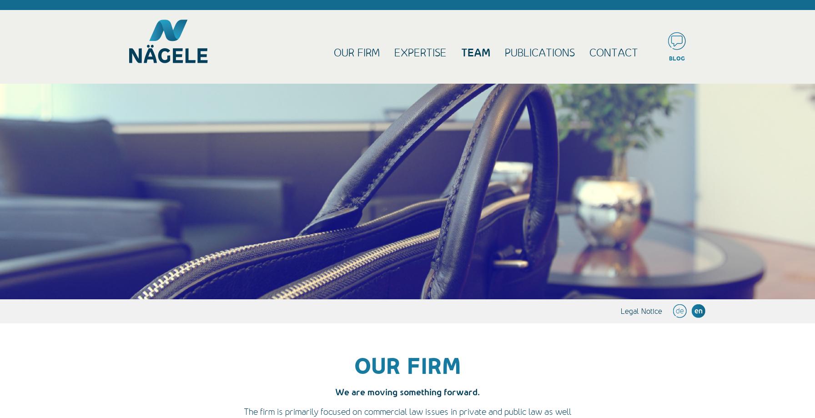 The width and height of the screenshot is (815, 418). Describe the element at coordinates (334, 52) in the screenshot. I see `'Our Firm'` at that location.